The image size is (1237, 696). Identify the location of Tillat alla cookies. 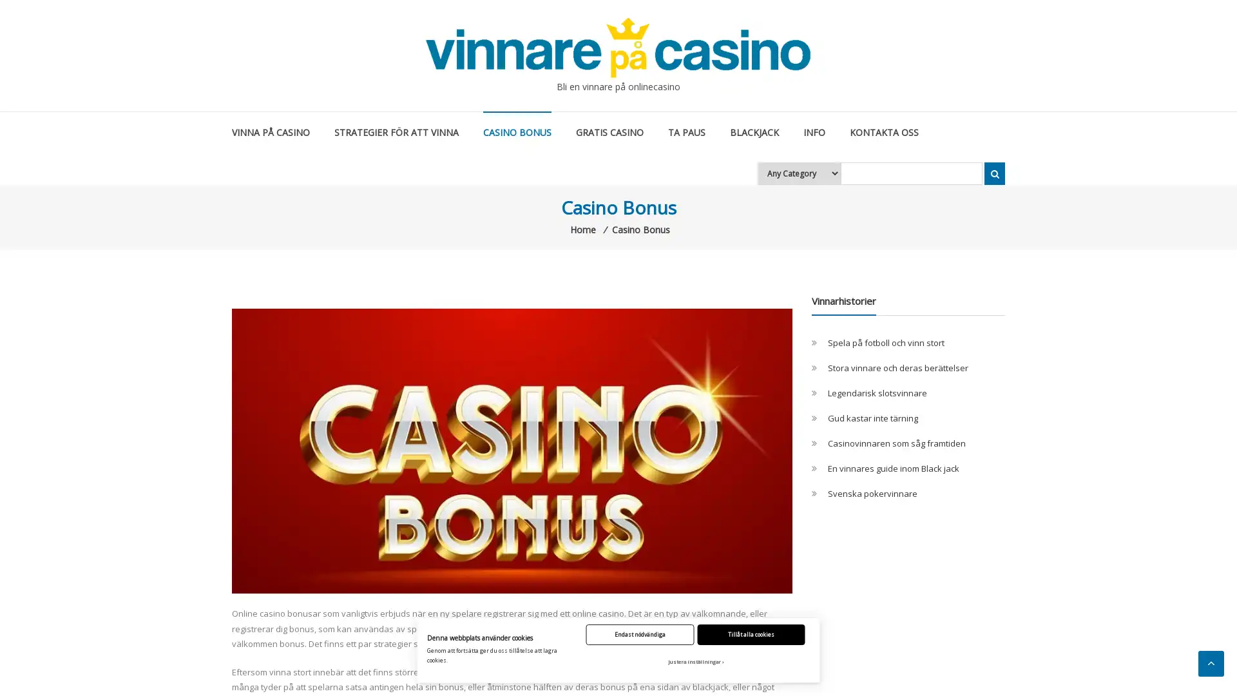
(751, 633).